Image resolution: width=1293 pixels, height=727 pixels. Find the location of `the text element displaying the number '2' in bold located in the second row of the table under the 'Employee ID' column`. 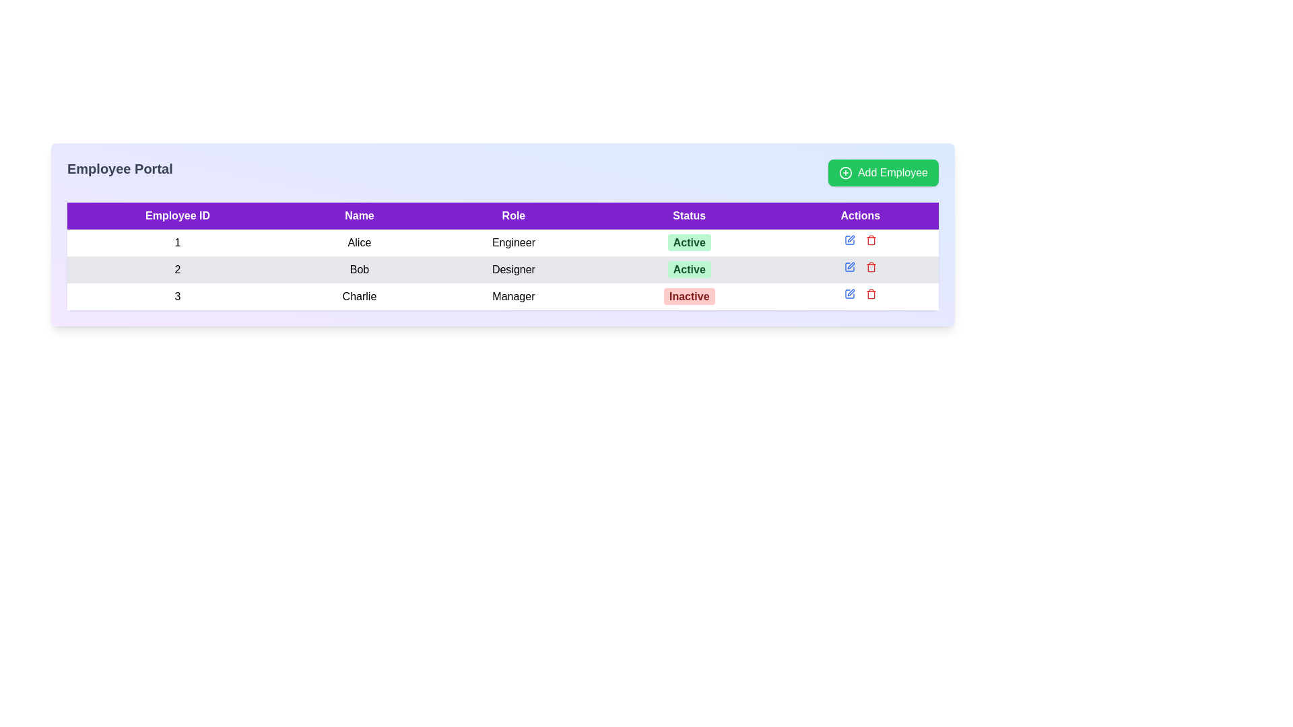

the text element displaying the number '2' in bold located in the second row of the table under the 'Employee ID' column is located at coordinates (177, 270).